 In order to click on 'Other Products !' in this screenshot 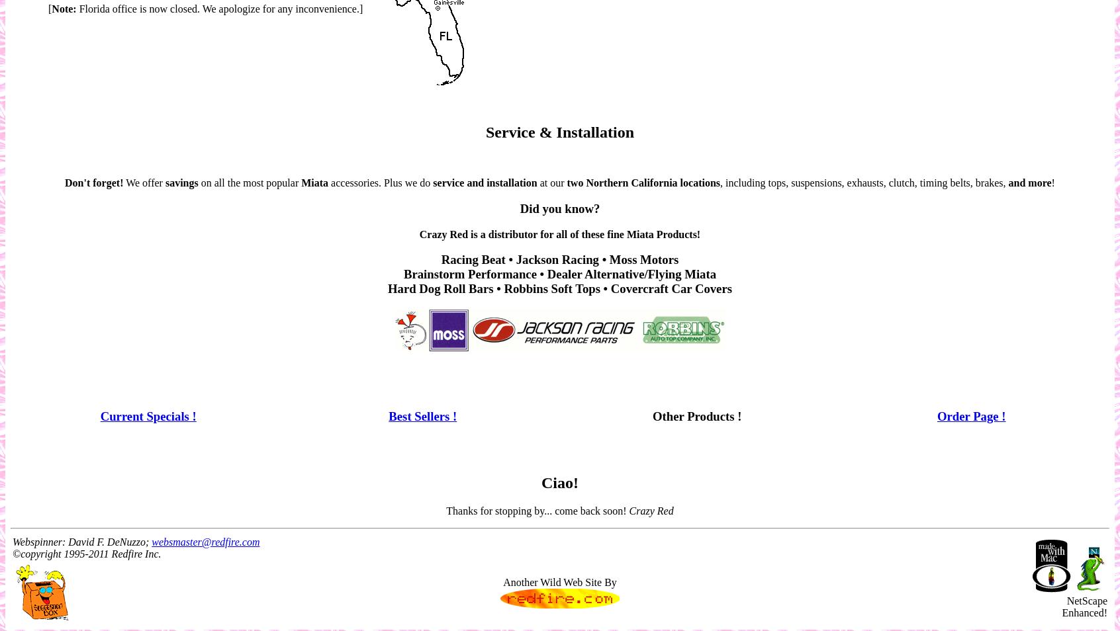, I will do `click(696, 415)`.